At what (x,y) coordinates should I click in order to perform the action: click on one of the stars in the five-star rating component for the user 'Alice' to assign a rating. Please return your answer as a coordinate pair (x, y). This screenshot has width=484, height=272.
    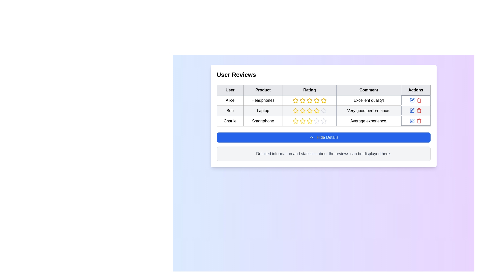
    Looking at the image, I should click on (309, 100).